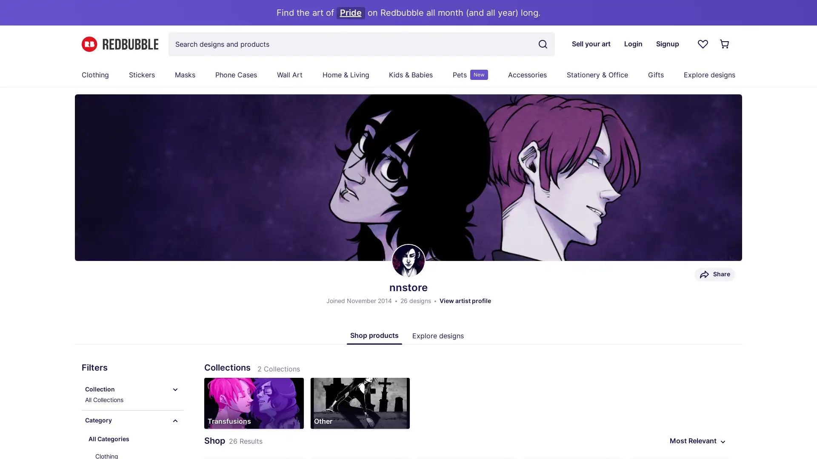 This screenshot has width=817, height=459. I want to click on Category, so click(132, 421).